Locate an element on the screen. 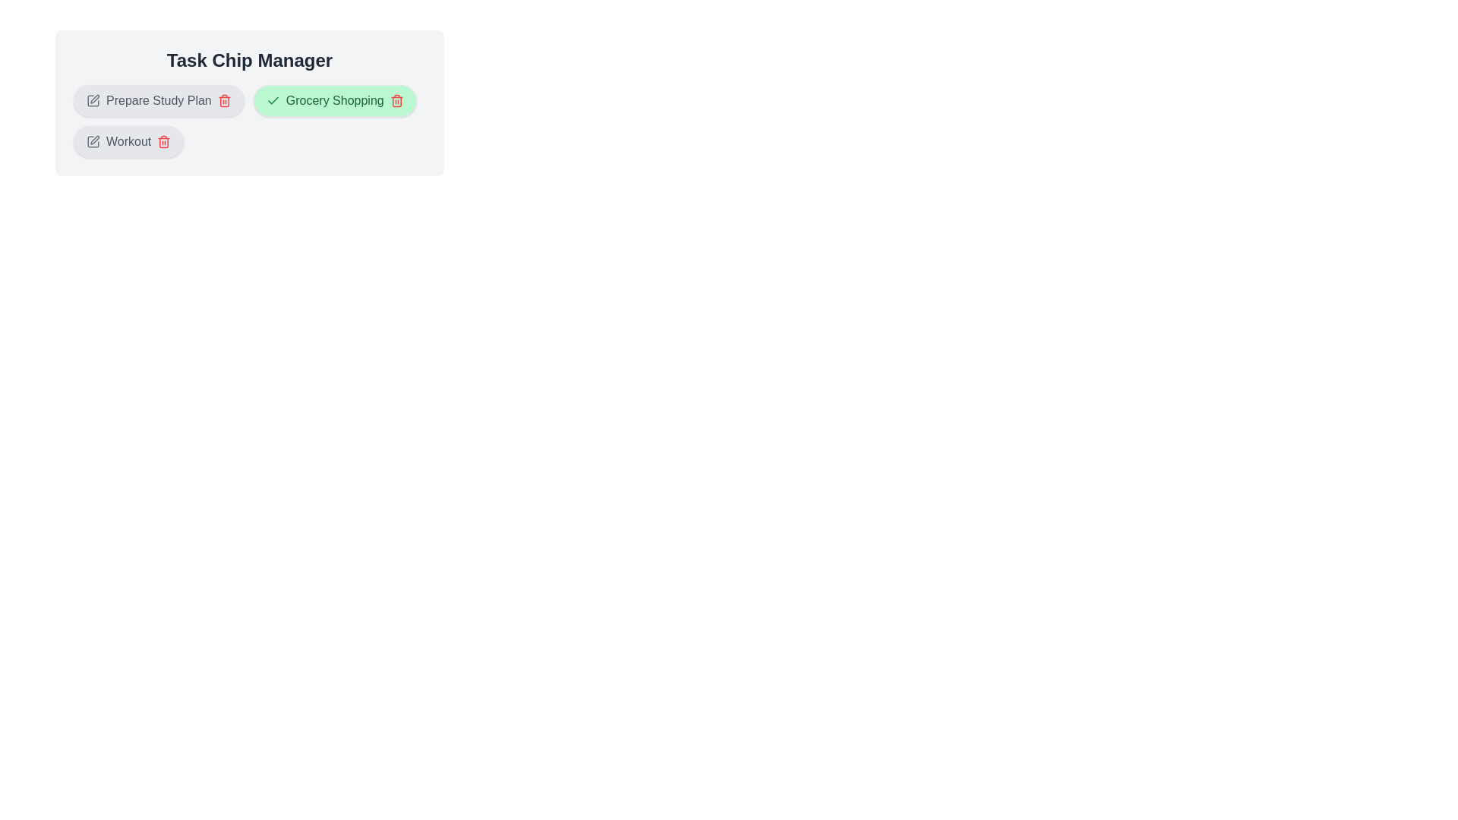  the red trash bin icon within the 'Grocery Shopping' task chip, which is part of the Task Chip Manager interface is located at coordinates (396, 102).